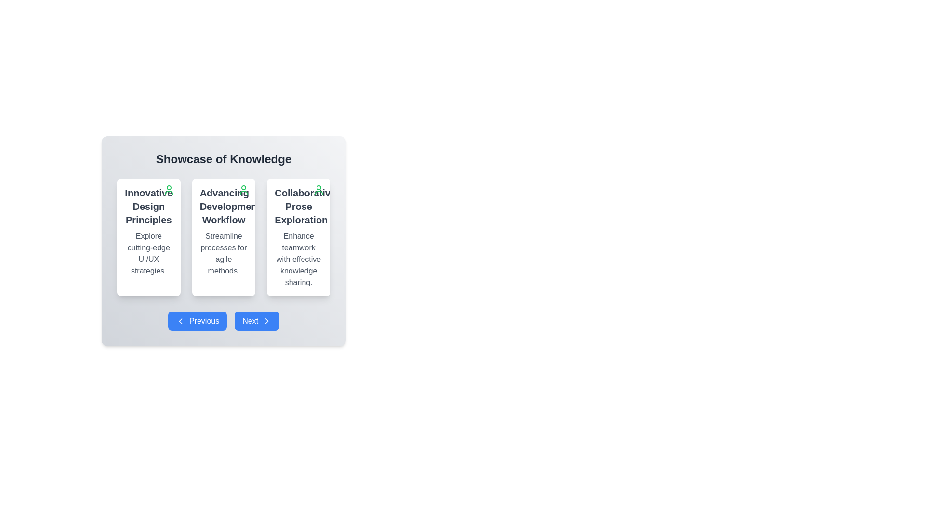 This screenshot has height=520, width=925. Describe the element at coordinates (267, 321) in the screenshot. I see `the chevron icon on the rightmost side of the 'Next' button at the bottom center of the interface` at that location.